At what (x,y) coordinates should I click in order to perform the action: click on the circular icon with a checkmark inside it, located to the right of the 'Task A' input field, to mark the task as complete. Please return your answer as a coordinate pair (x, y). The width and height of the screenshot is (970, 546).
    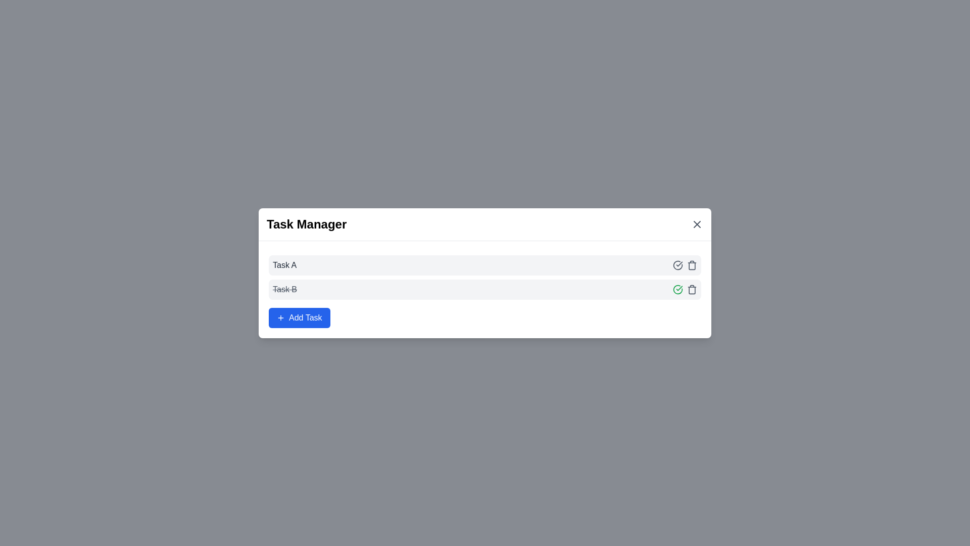
    Looking at the image, I should click on (678, 264).